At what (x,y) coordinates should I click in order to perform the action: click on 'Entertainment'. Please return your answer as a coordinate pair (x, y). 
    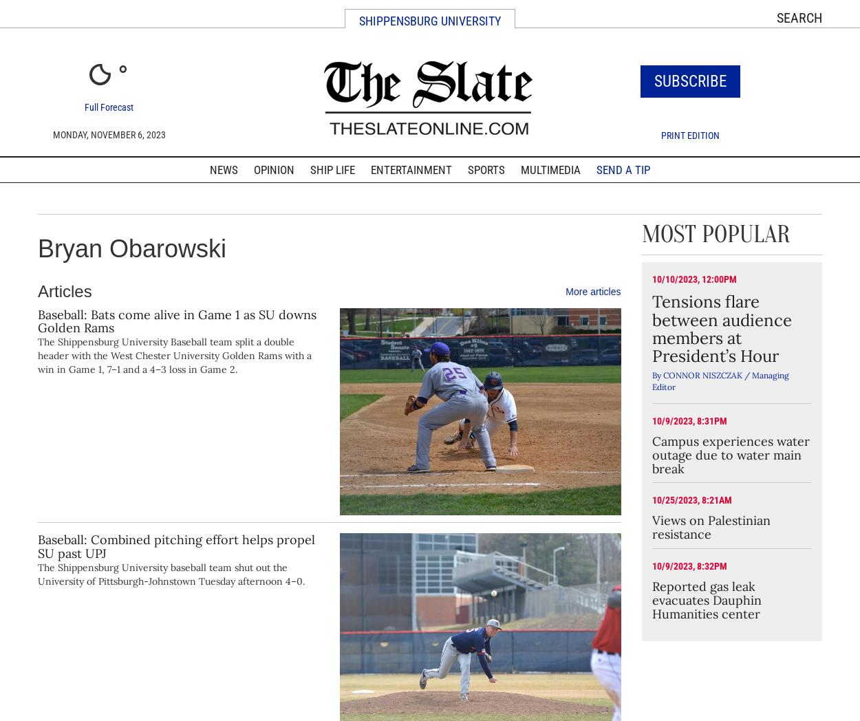
    Looking at the image, I should click on (371, 169).